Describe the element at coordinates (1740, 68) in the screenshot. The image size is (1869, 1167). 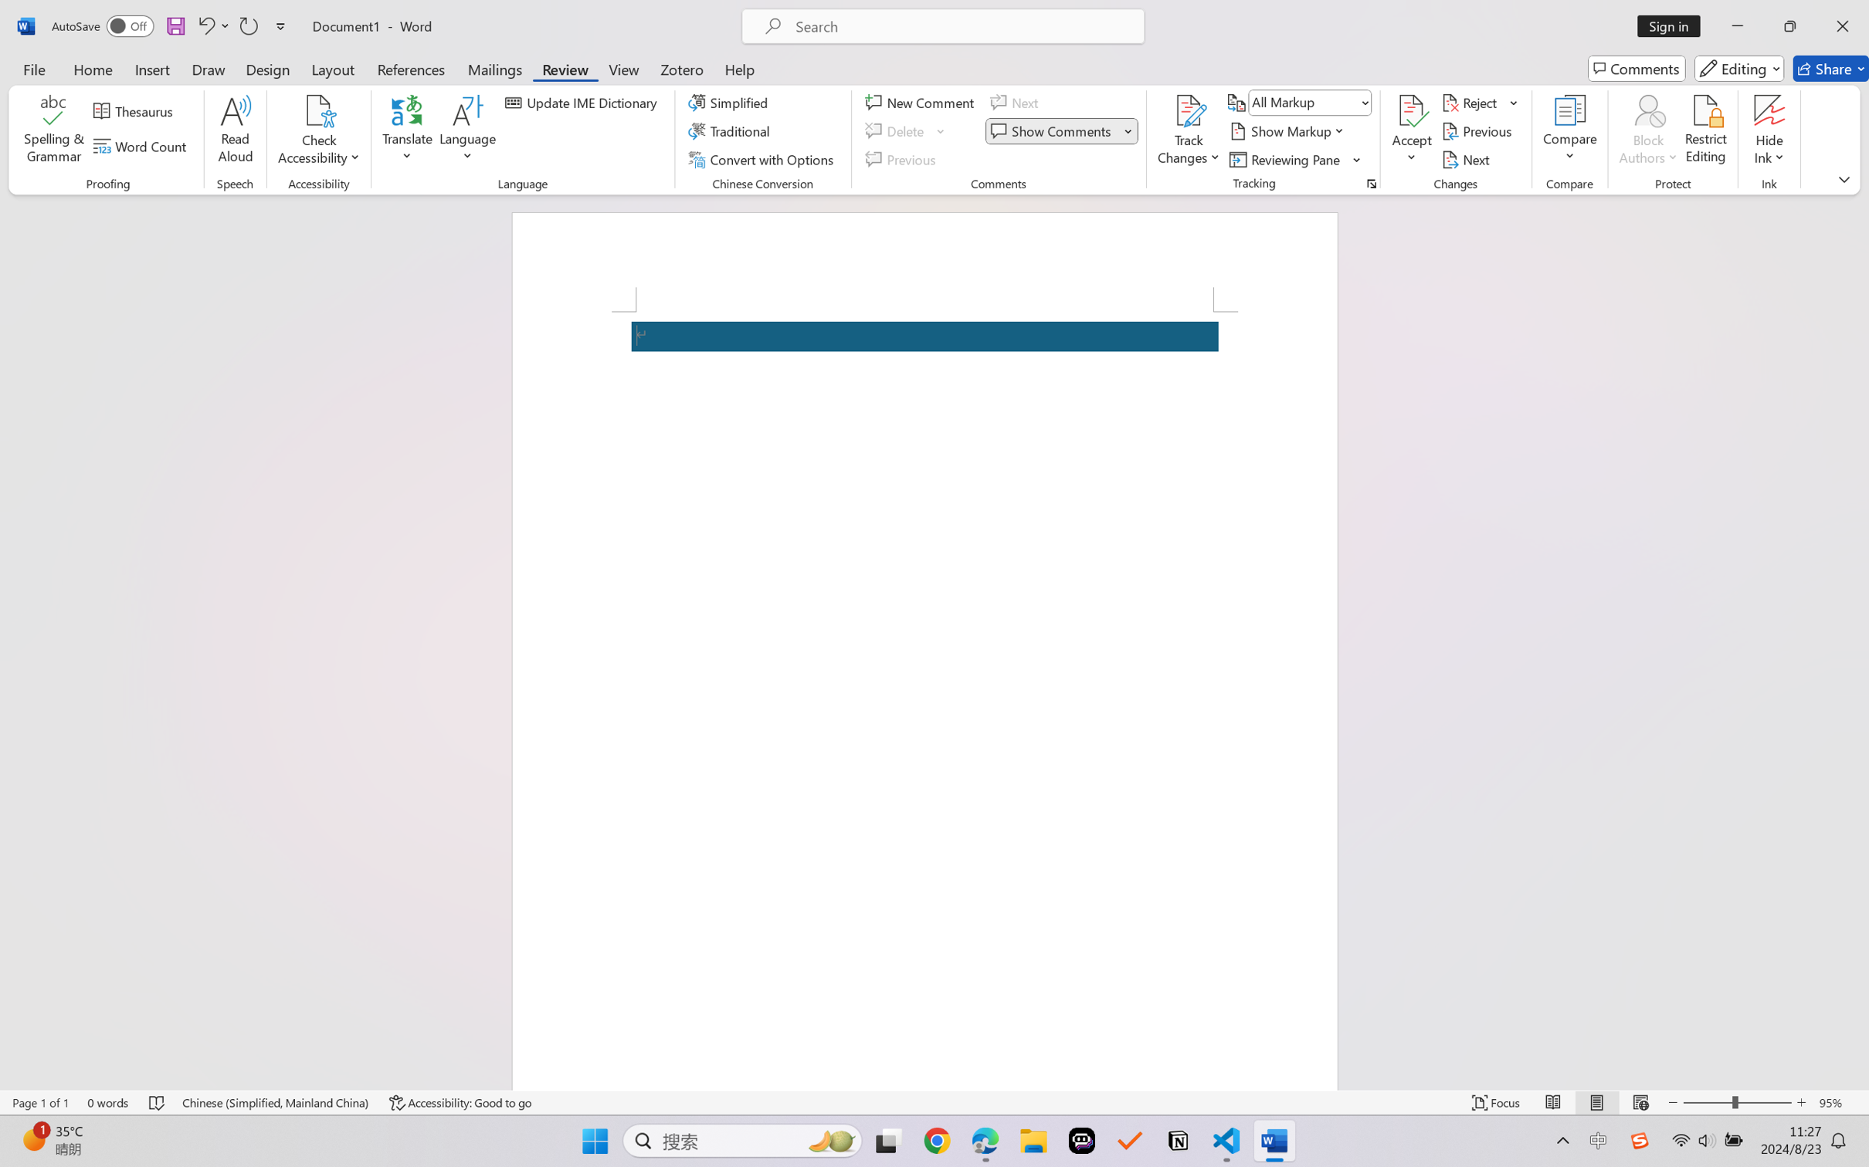
I see `'Editing'` at that location.